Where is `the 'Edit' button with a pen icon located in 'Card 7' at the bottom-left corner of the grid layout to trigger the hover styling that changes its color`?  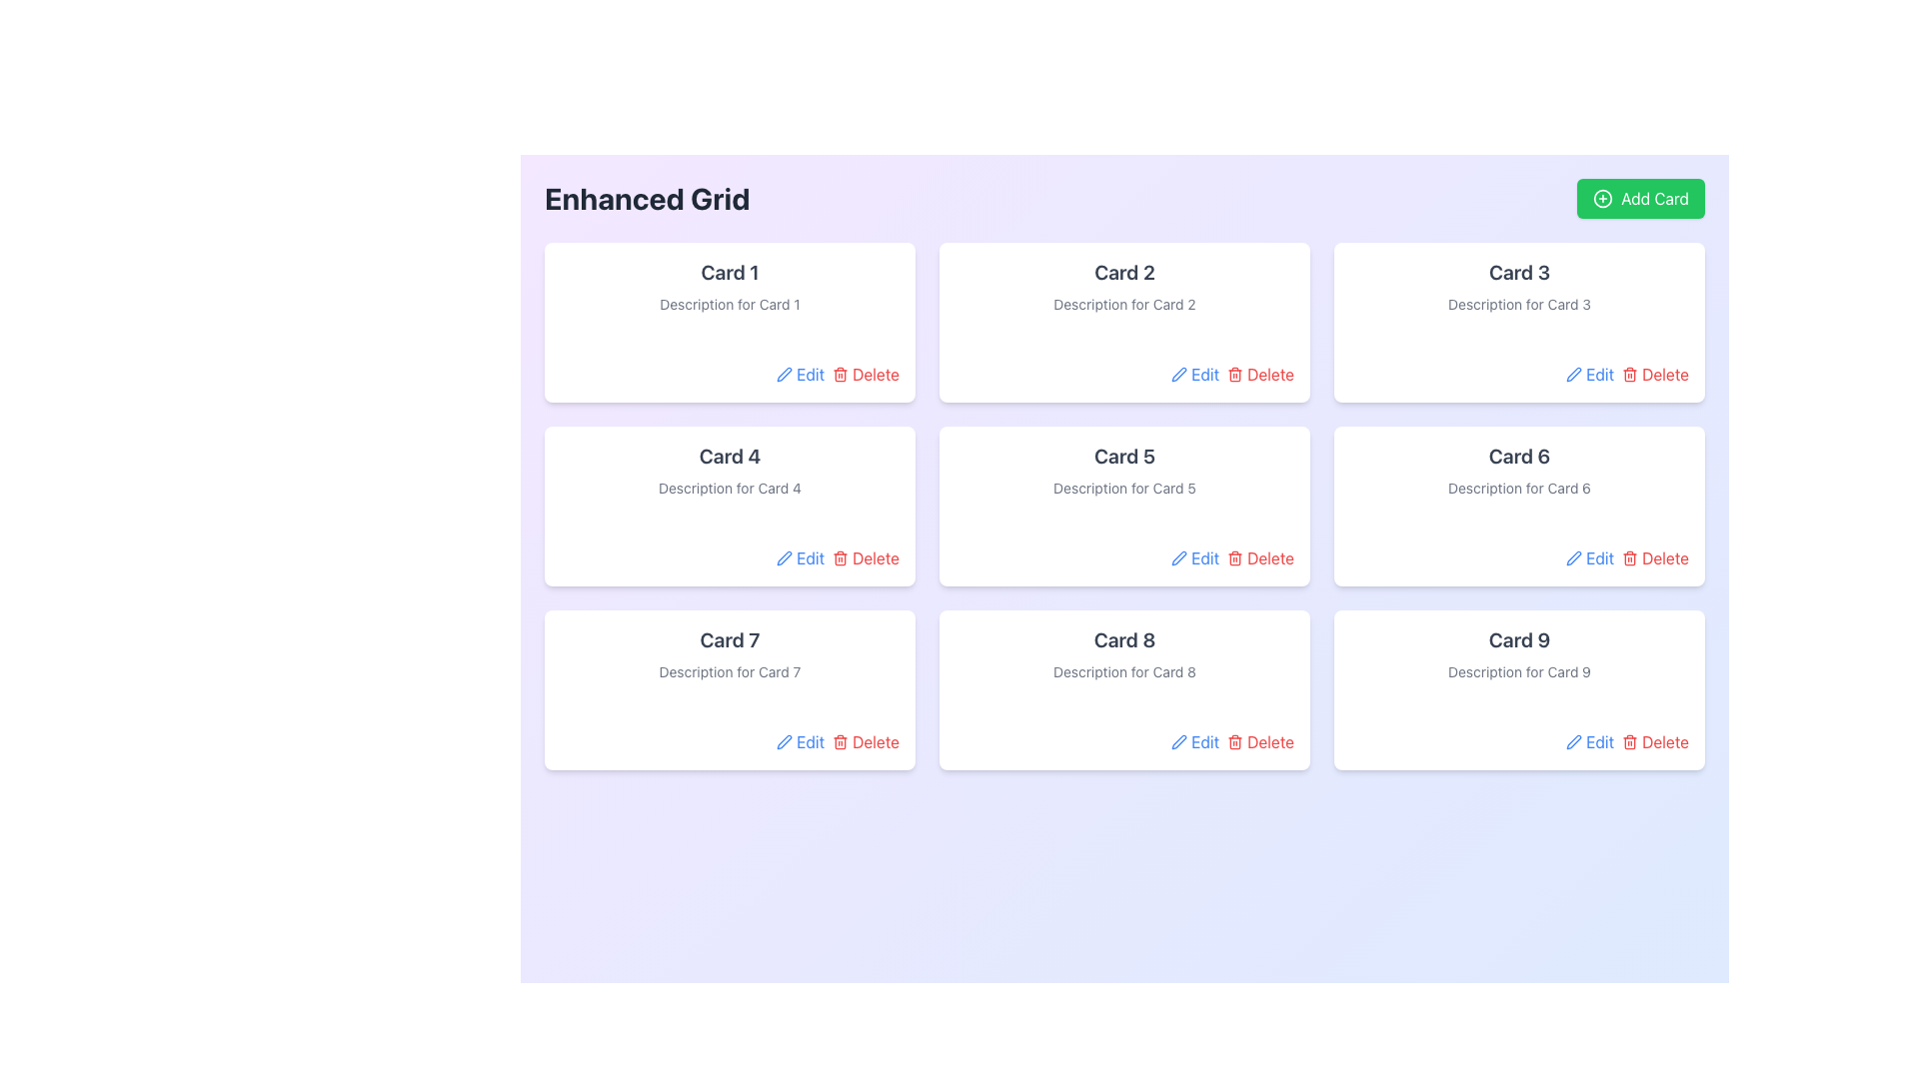
the 'Edit' button with a pen icon located in 'Card 7' at the bottom-left corner of the grid layout to trigger the hover styling that changes its color is located at coordinates (801, 742).